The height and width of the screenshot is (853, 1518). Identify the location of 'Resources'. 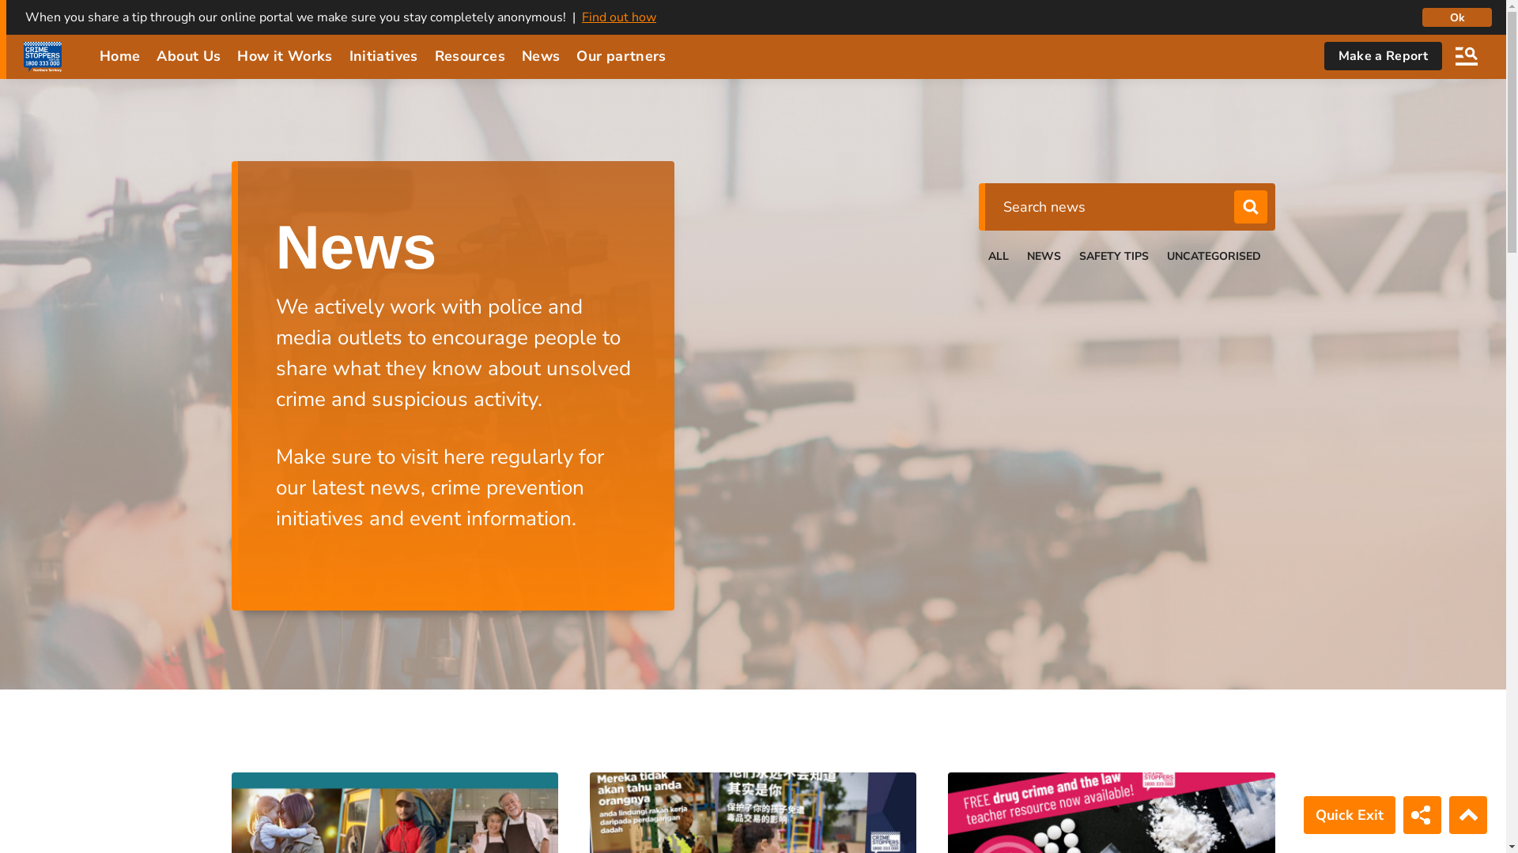
(469, 54).